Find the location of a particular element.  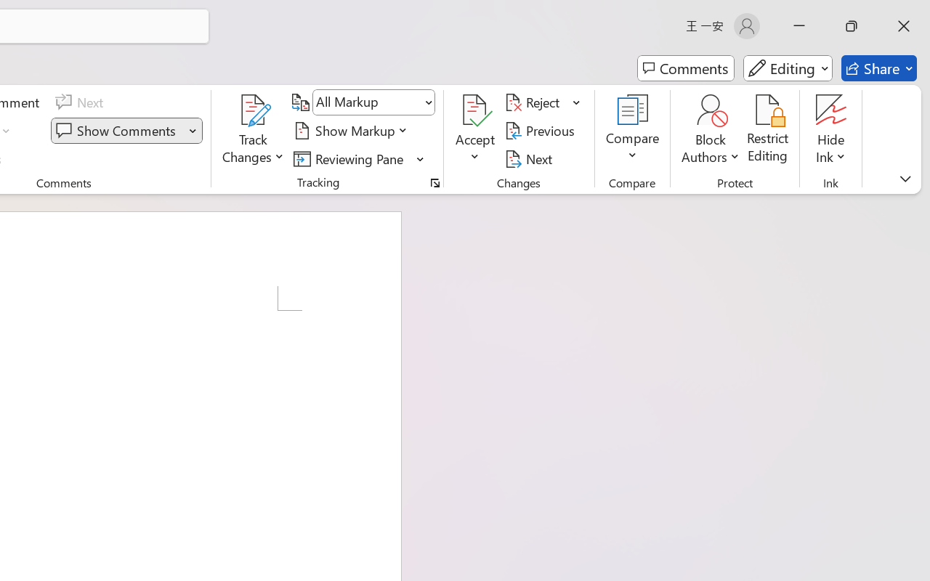

'Show Comments' is located at coordinates (126, 130).